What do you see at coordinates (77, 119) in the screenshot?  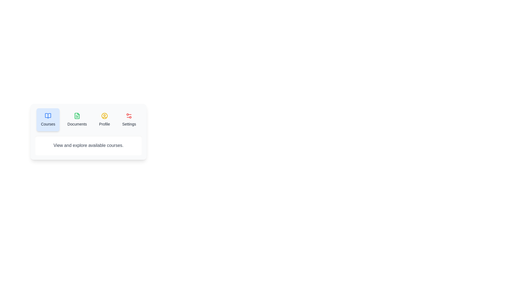 I see `the tab labeled Documents to observe its hover effect` at bounding box center [77, 119].